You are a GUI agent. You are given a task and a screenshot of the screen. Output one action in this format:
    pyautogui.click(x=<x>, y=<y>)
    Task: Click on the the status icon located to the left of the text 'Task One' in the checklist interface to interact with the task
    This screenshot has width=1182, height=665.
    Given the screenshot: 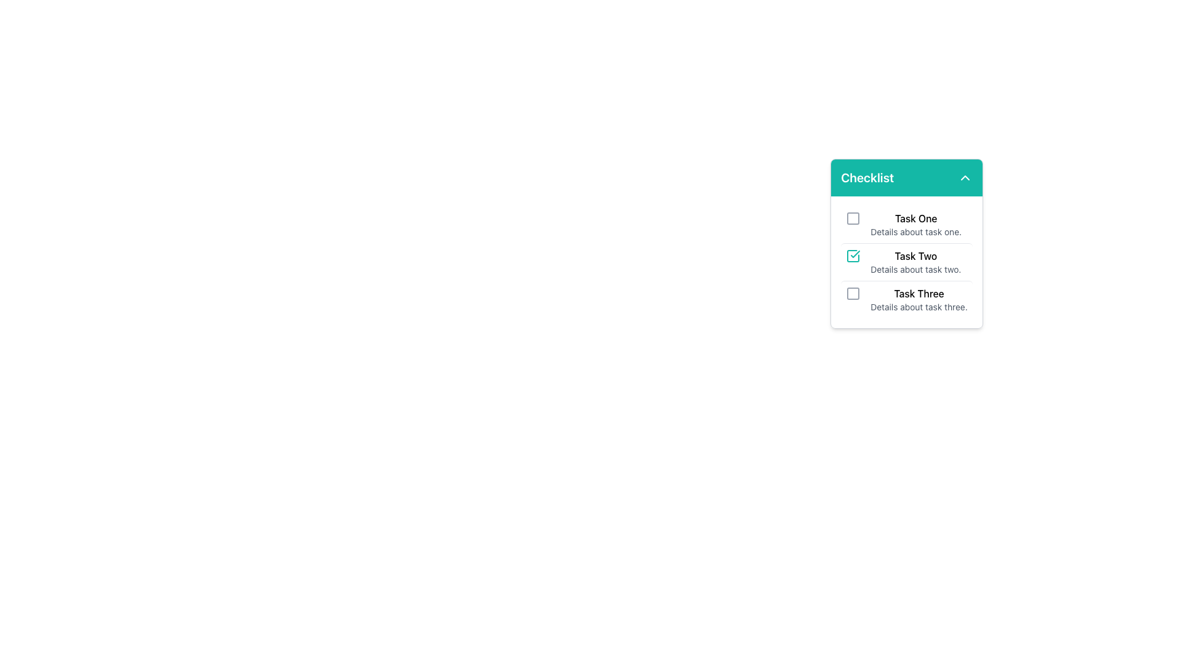 What is the action you would take?
    pyautogui.click(x=853, y=217)
    